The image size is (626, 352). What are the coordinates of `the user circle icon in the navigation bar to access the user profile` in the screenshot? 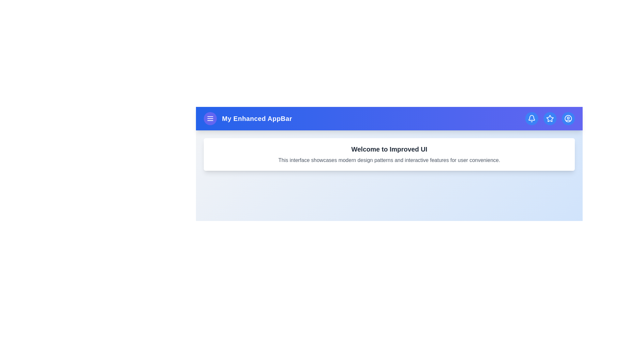 It's located at (568, 118).